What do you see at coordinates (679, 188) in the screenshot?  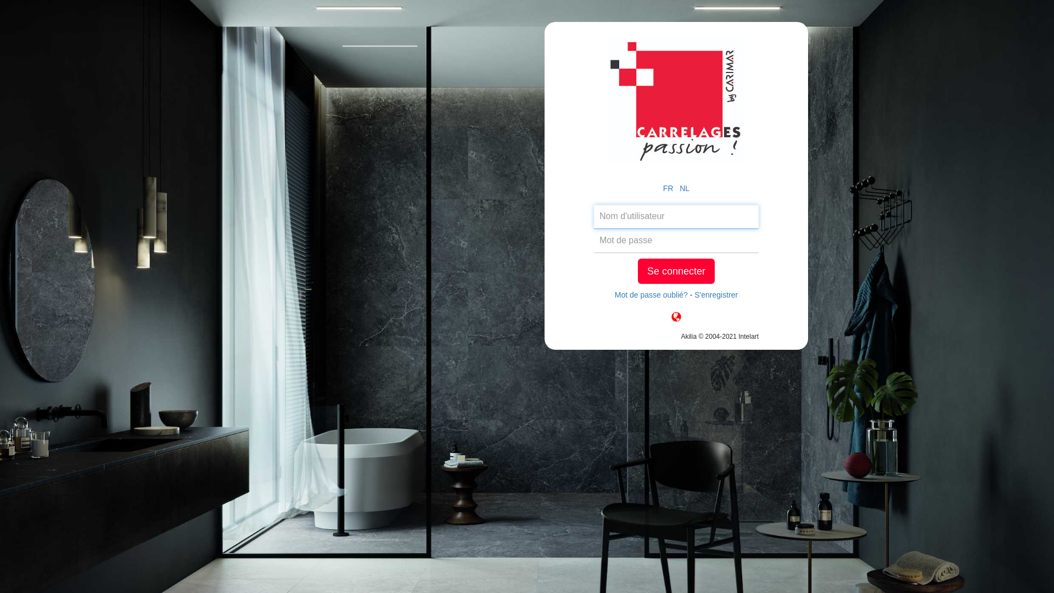 I see `'NL'` at bounding box center [679, 188].